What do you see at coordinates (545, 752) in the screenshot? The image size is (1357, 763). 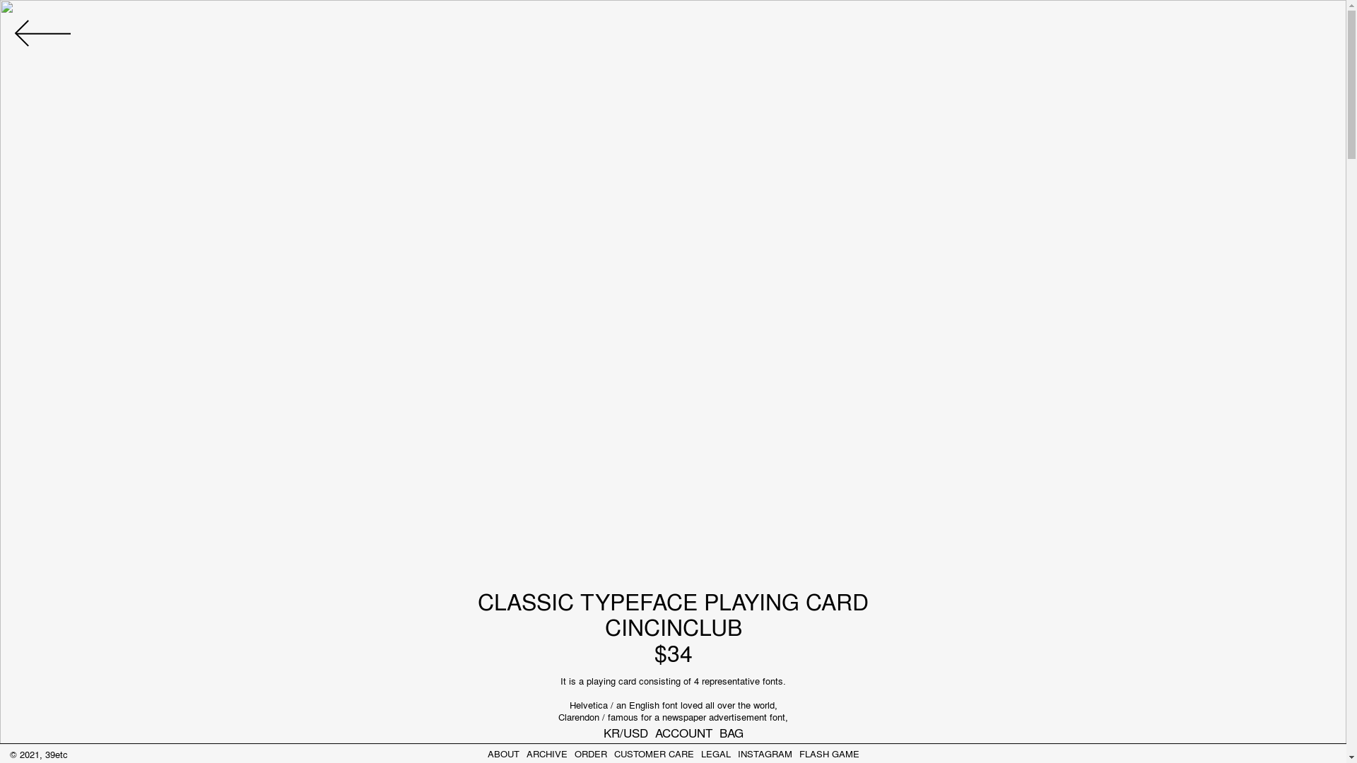 I see `'ARCHIVE'` at bounding box center [545, 752].